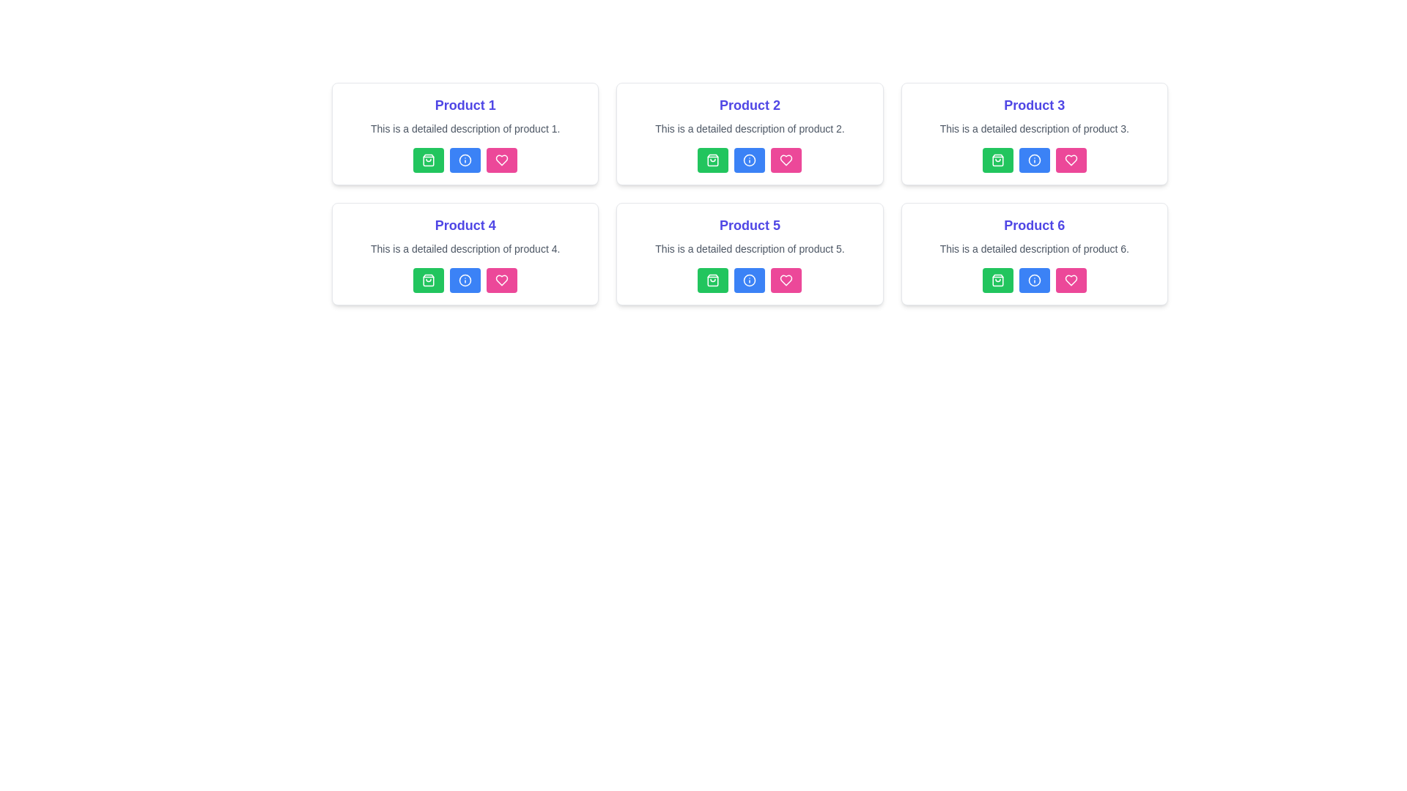 The width and height of the screenshot is (1407, 791). Describe the element at coordinates (1071, 160) in the screenshot. I see `the fourth button below the description of 'Product 3' in the third card on the top row to favorite the product` at that location.